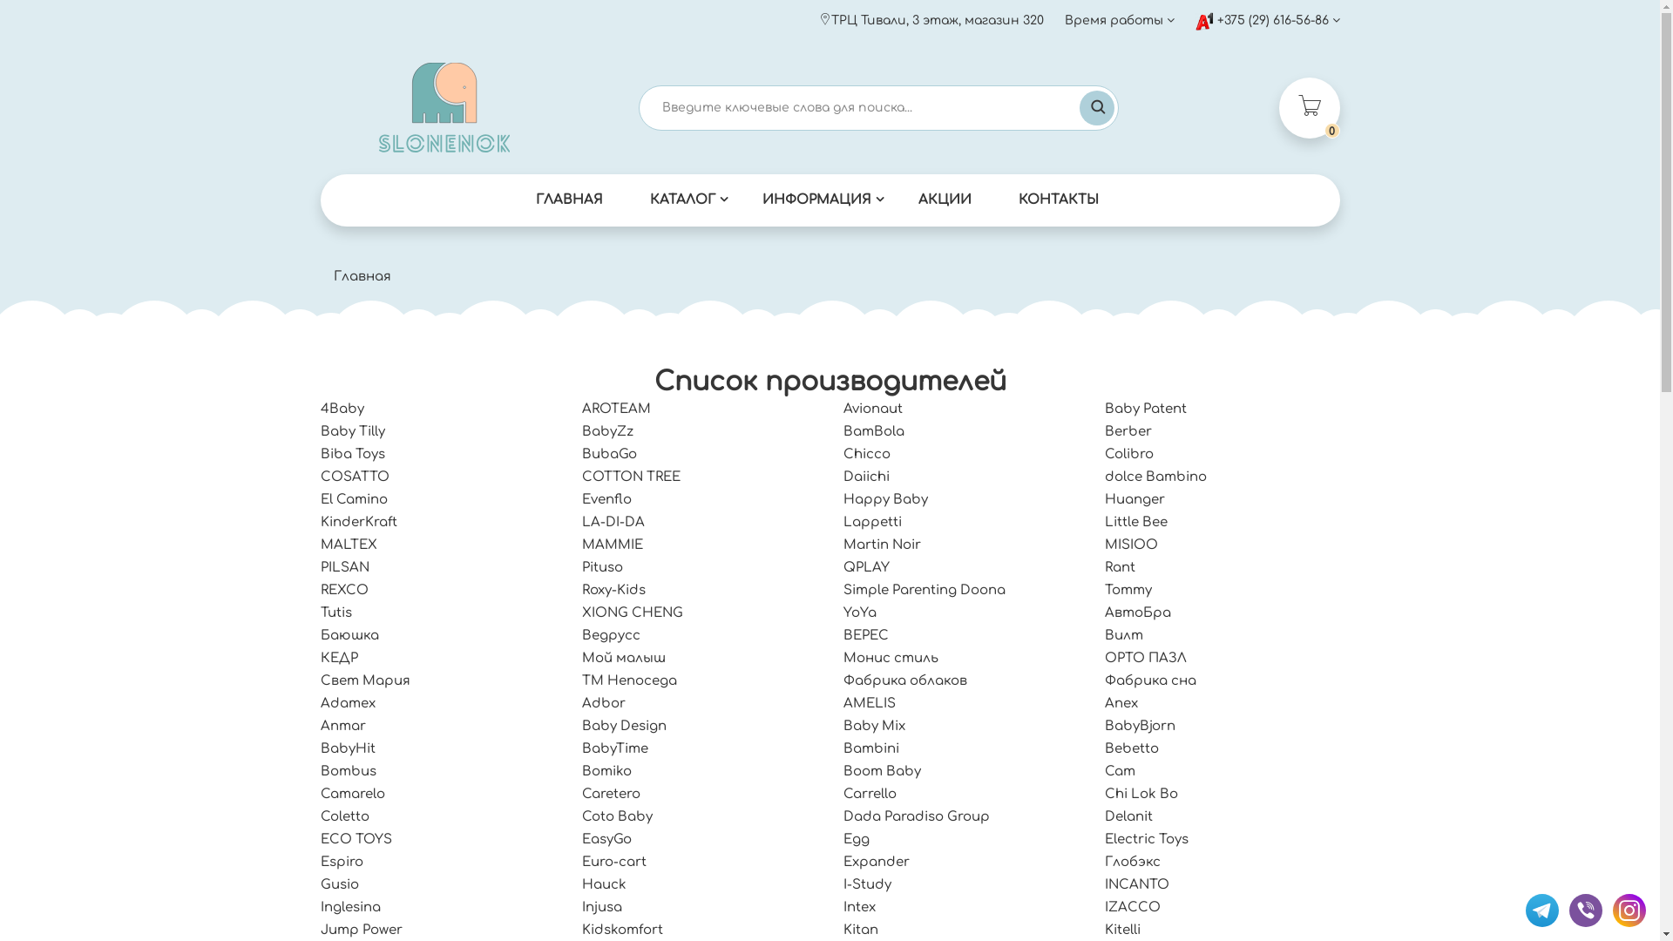  Describe the element at coordinates (353, 499) in the screenshot. I see `'El Camino'` at that location.